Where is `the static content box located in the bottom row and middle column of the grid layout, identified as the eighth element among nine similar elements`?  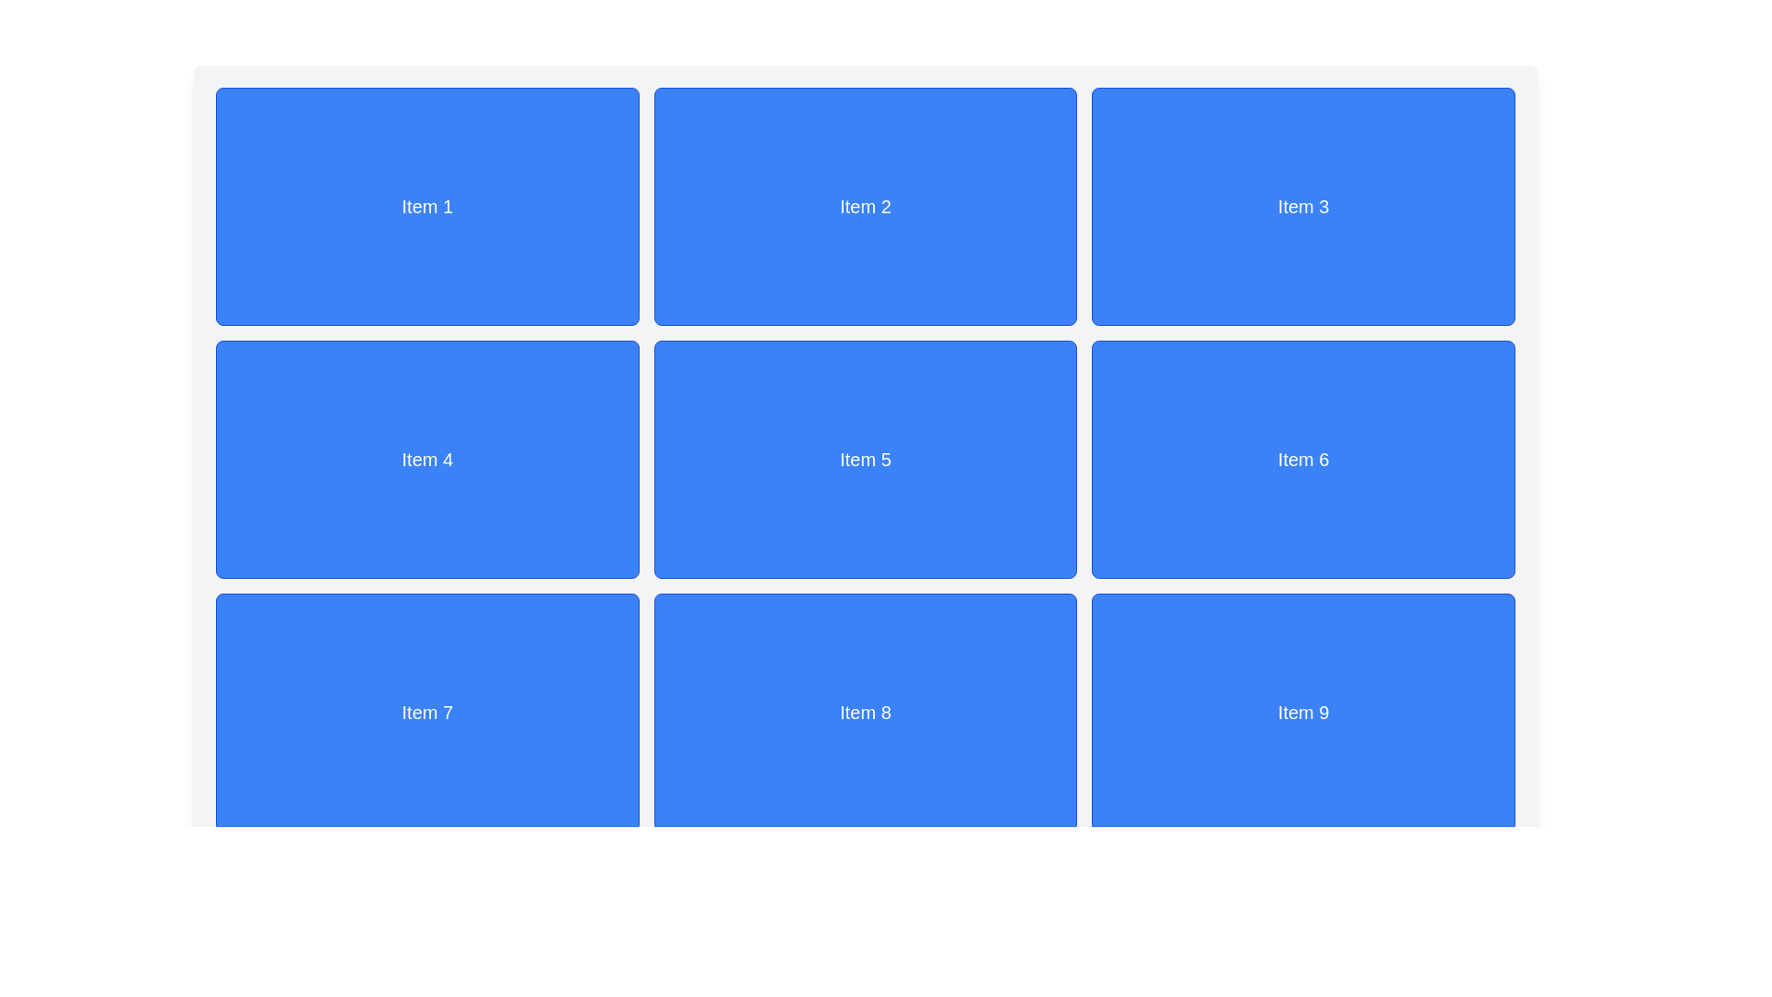 the static content box located in the bottom row and middle column of the grid layout, identified as the eighth element among nine similar elements is located at coordinates (864, 711).